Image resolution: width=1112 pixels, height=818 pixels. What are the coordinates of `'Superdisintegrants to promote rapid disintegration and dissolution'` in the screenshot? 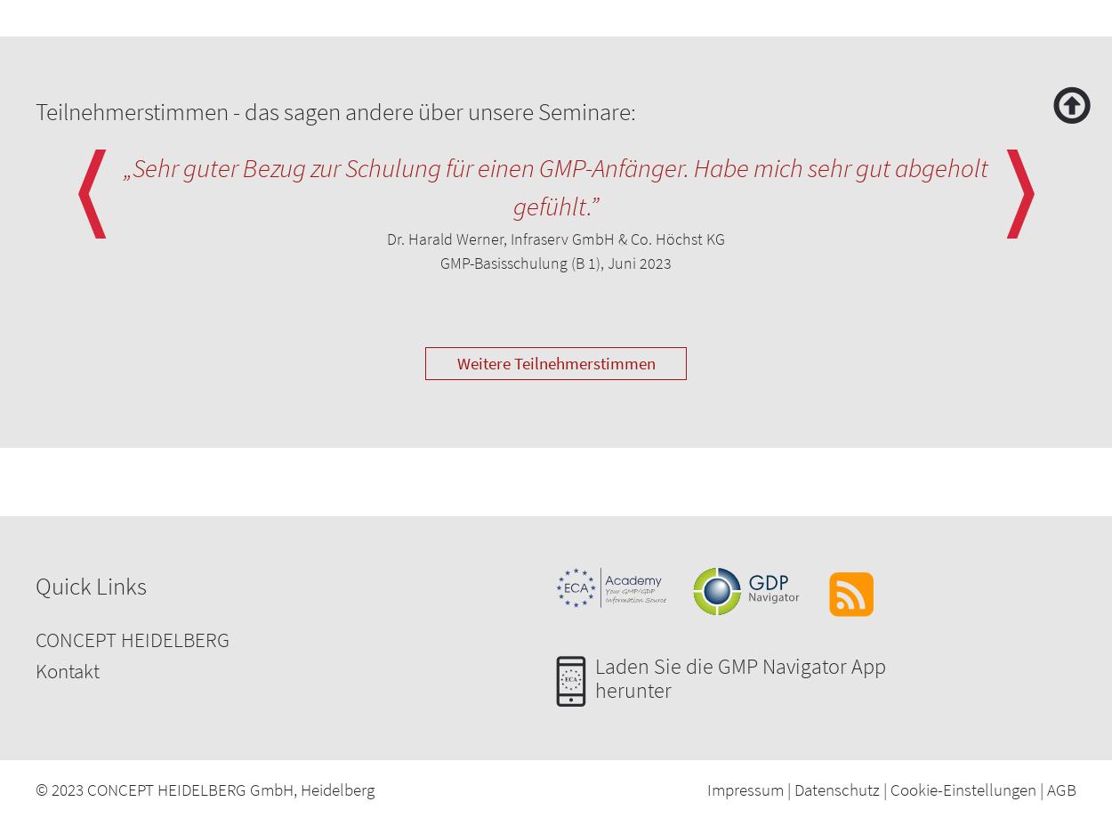 It's located at (275, 116).